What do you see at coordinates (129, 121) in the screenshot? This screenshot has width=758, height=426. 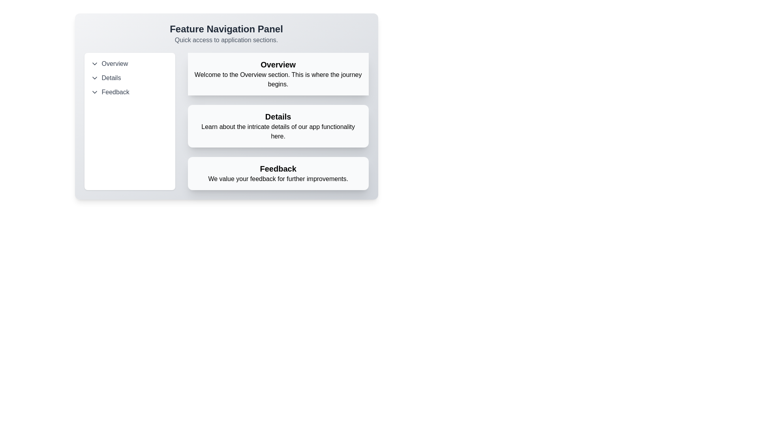 I see `the Navigation panel located on the left side of the interface` at bounding box center [129, 121].